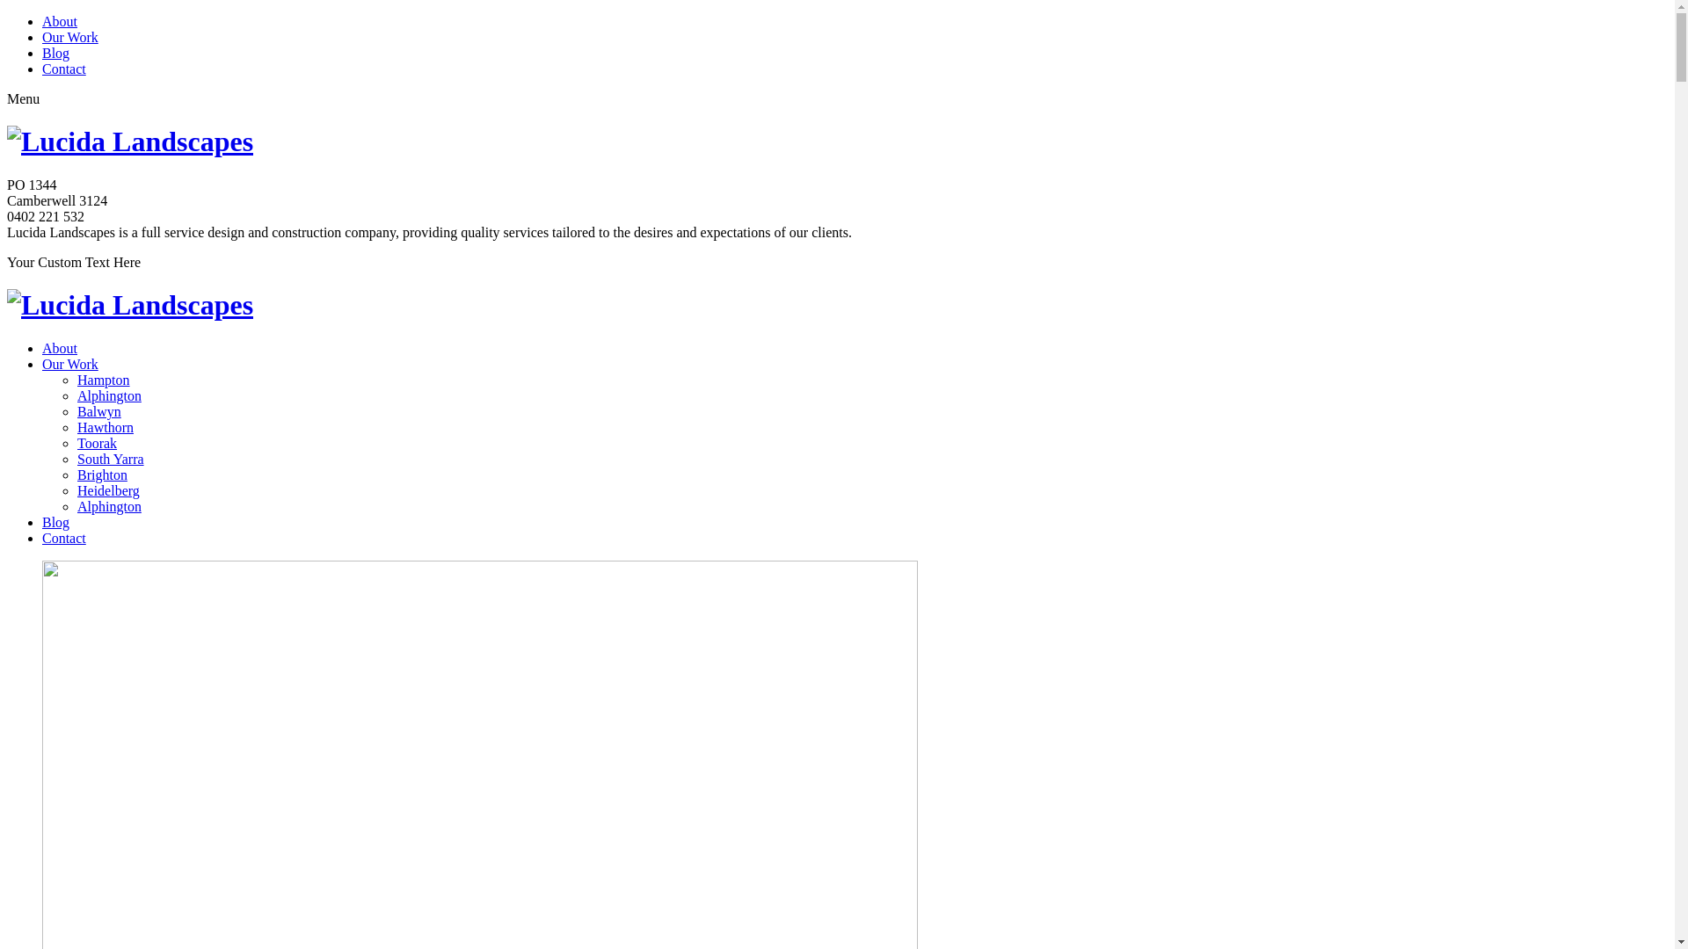  Describe the element at coordinates (59, 348) in the screenshot. I see `'About'` at that location.